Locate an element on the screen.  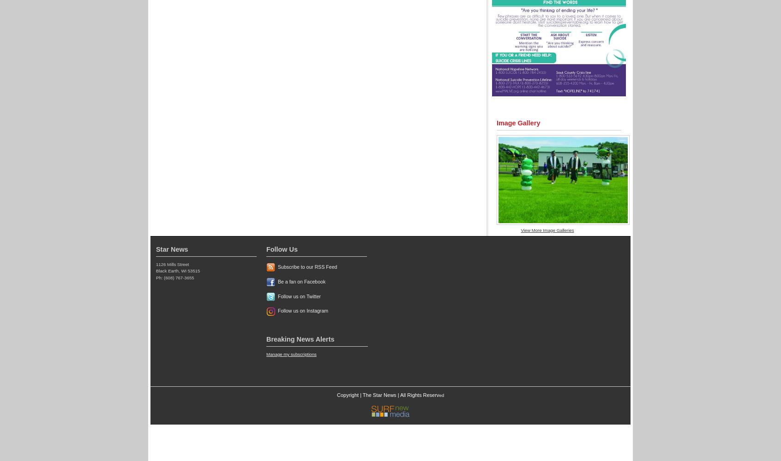
'Image Gallery' is located at coordinates (518, 123).